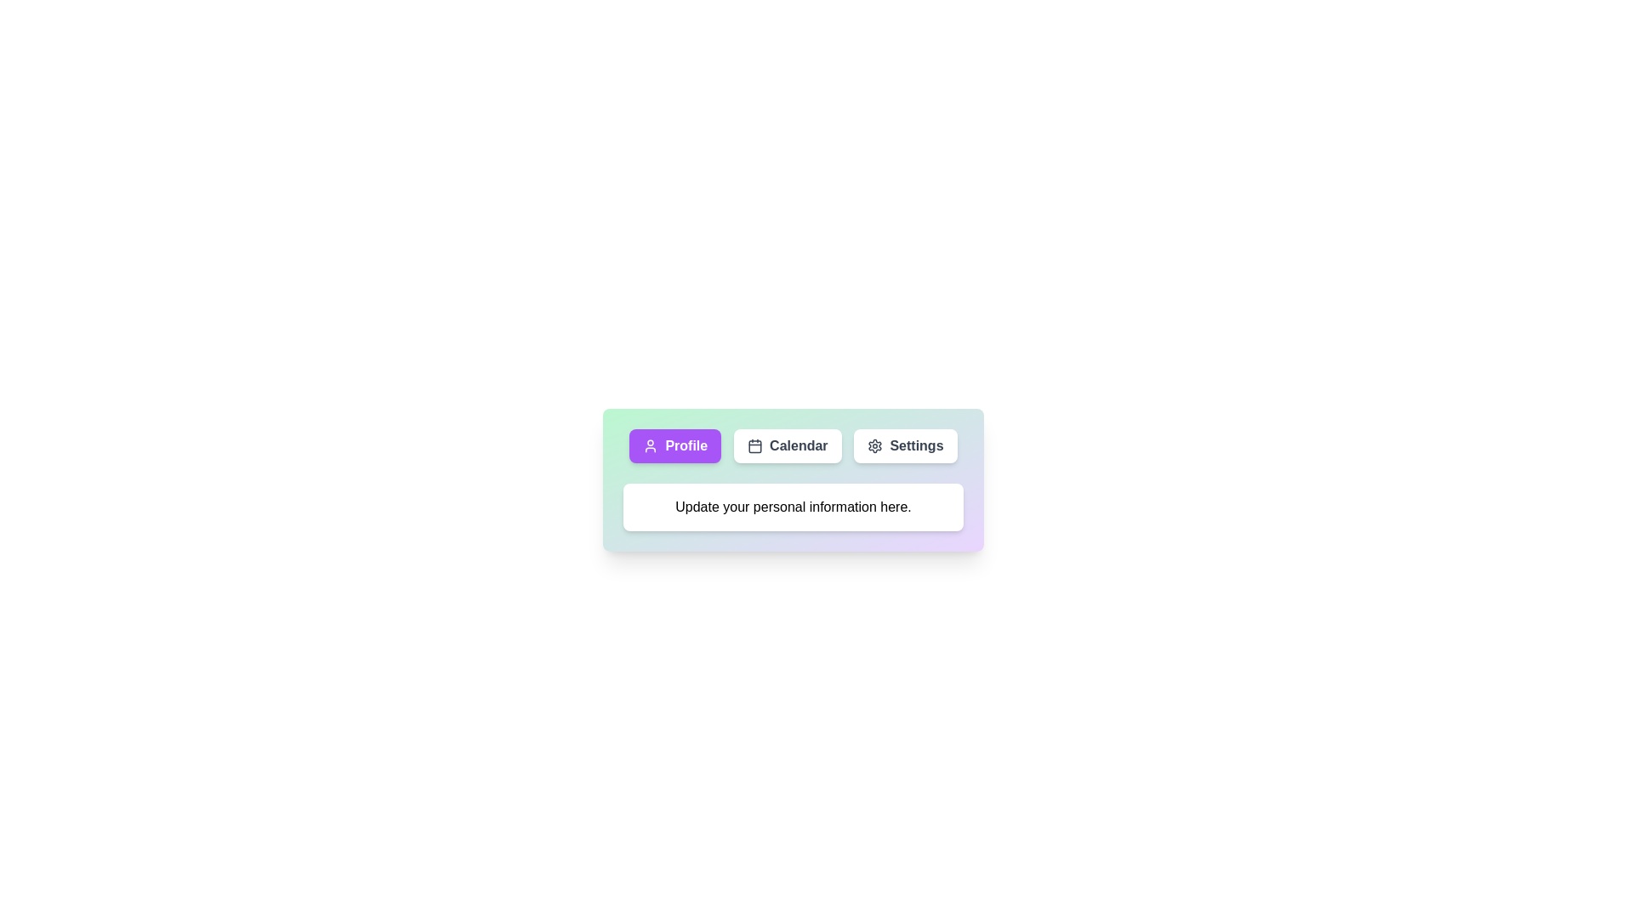 This screenshot has height=918, width=1633. What do you see at coordinates (792, 507) in the screenshot?
I see `the text label displaying 'Update your personal information here.' which is housed within a distinct white, rounded rectangle below the toolbar` at bounding box center [792, 507].